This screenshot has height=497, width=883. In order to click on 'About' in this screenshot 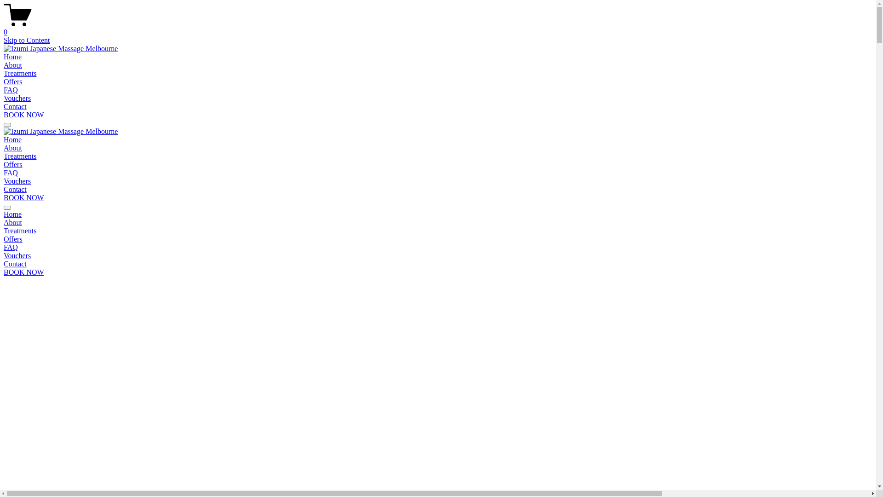, I will do `click(4, 222)`.